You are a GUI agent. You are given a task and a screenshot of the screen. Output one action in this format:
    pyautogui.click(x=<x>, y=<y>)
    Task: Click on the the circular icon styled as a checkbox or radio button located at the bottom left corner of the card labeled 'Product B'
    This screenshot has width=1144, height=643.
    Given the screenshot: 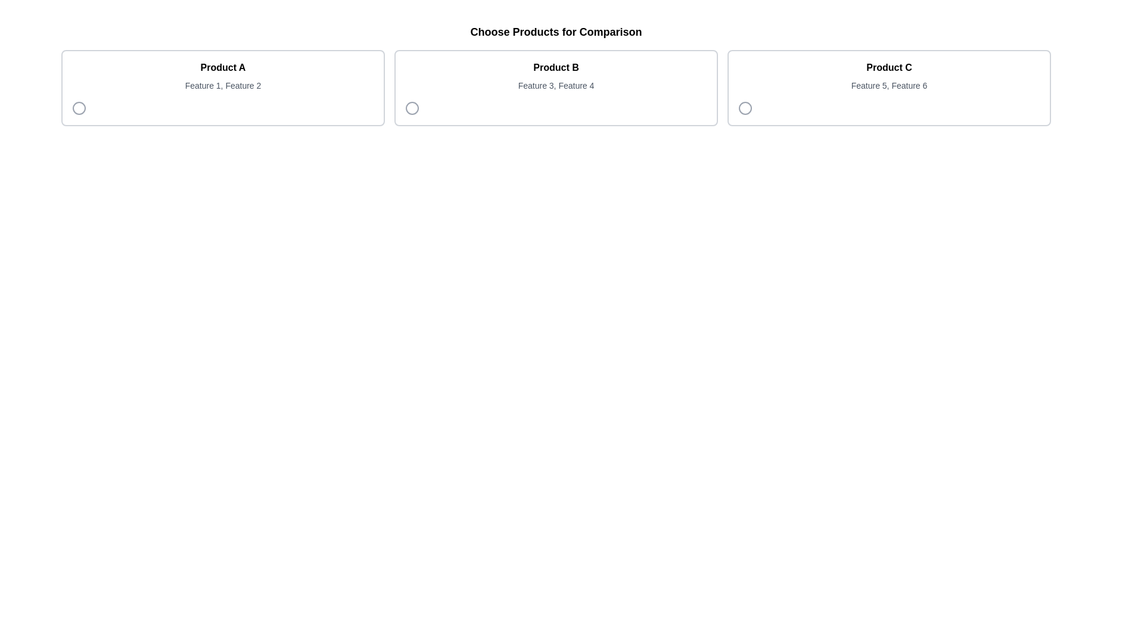 What is the action you would take?
    pyautogui.click(x=412, y=108)
    